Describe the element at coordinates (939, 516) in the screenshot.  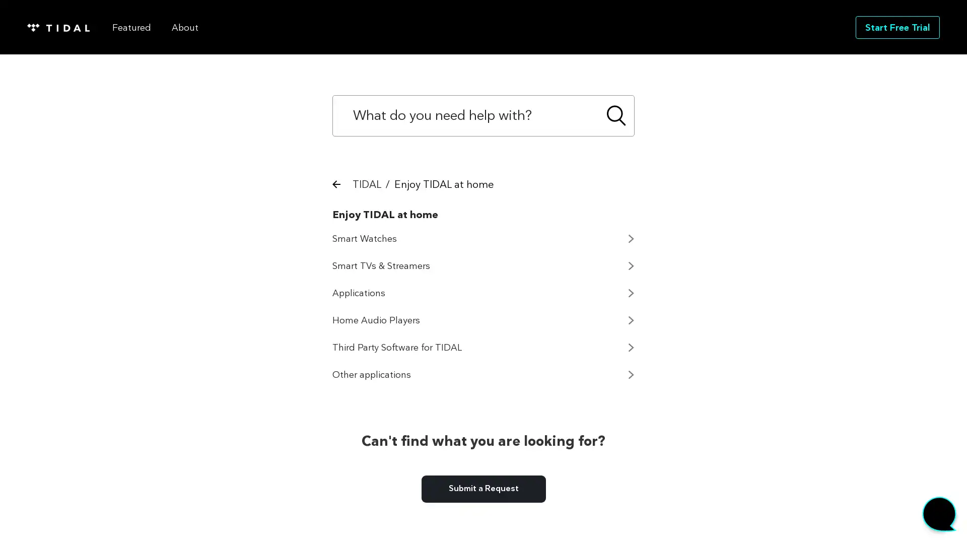
I see `Start chat` at that location.